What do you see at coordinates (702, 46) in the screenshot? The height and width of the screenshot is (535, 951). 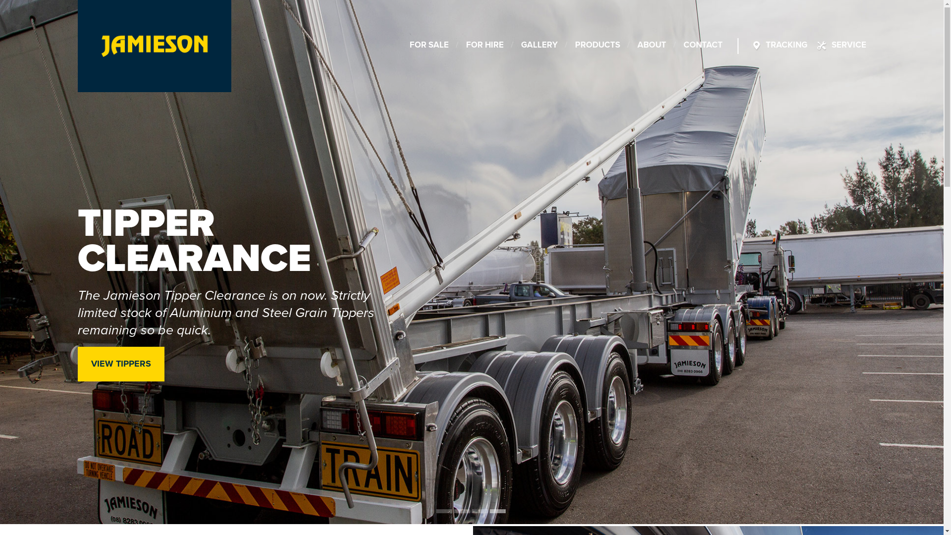 I see `'CONTACT'` at bounding box center [702, 46].